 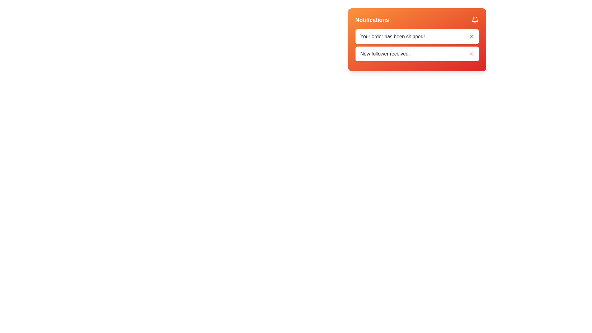 I want to click on the notification bell icon located in the upper-right corner of the notification header bar, which is styled in white against a vibrant background, so click(x=475, y=20).